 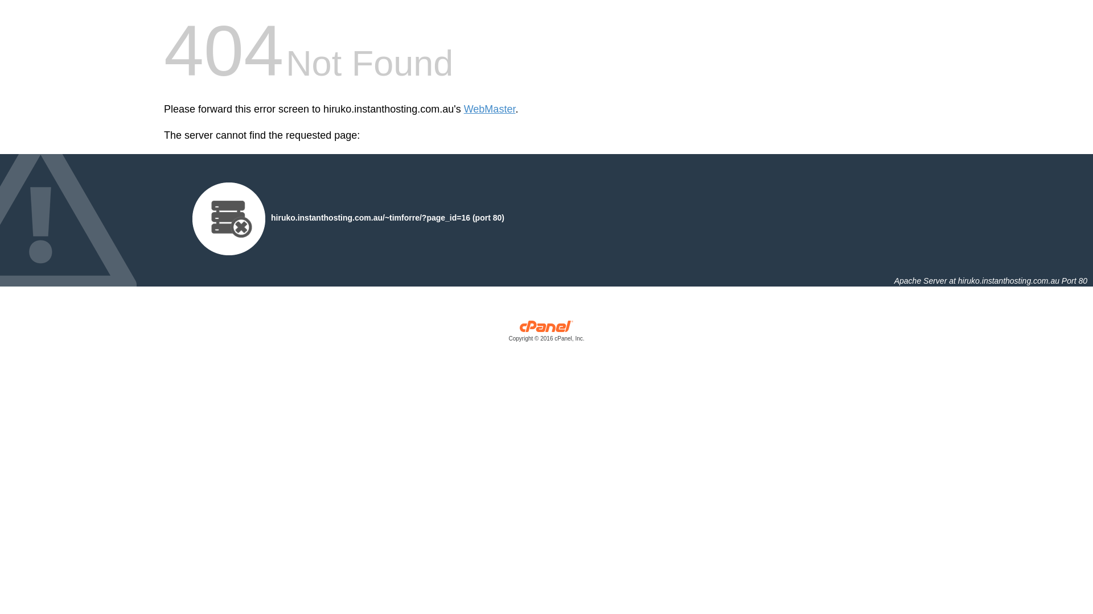 I want to click on 'WebMaster', so click(x=490, y=109).